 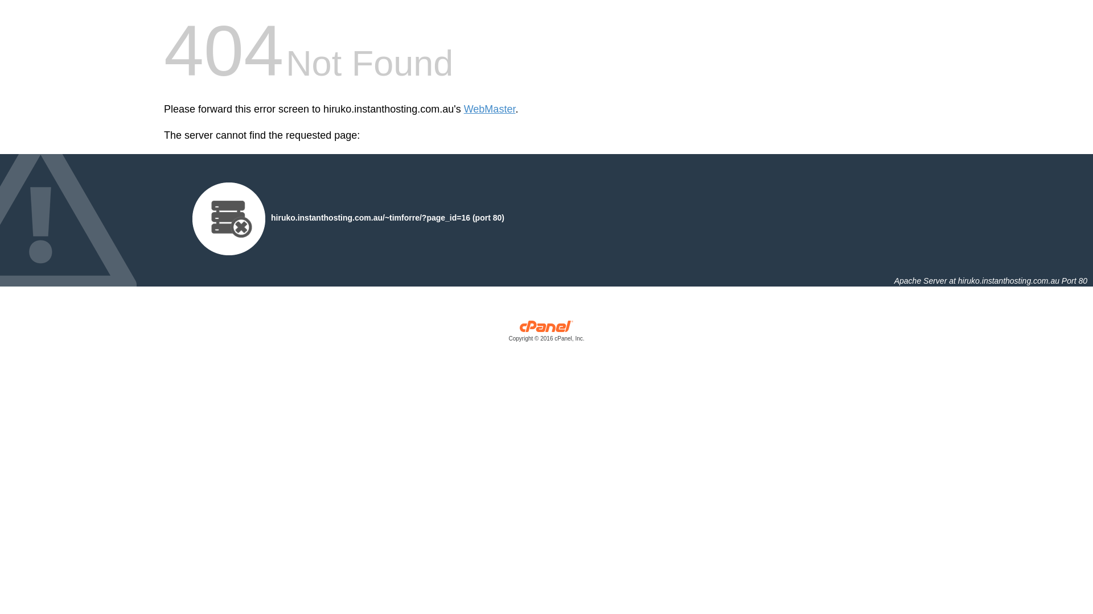 I want to click on 'WebMaster', so click(x=490, y=109).